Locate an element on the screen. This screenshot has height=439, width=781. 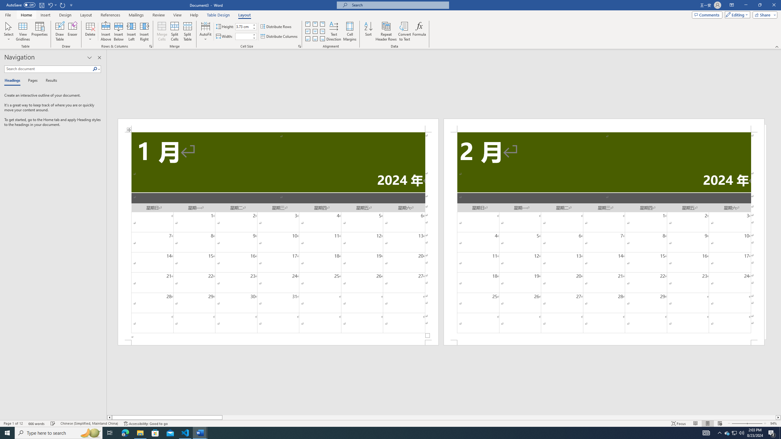
'Footer -Section 2-' is located at coordinates (604, 342).